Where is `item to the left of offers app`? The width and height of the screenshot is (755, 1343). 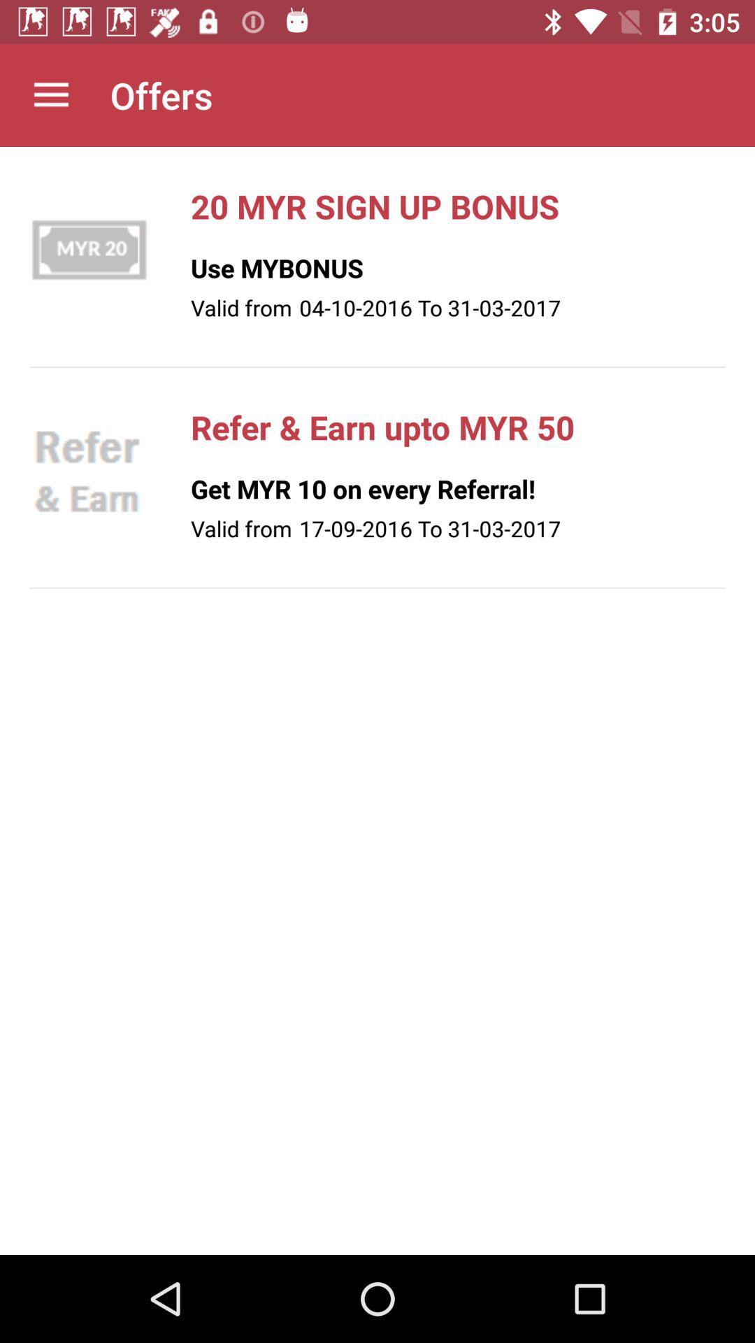
item to the left of offers app is located at coordinates (50, 94).